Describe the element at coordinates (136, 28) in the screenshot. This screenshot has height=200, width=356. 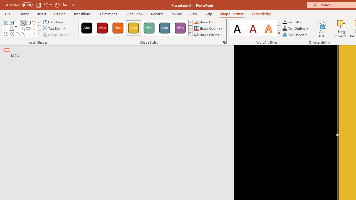
I see `'AutomationID: ShapeStylesGallery'` at that location.